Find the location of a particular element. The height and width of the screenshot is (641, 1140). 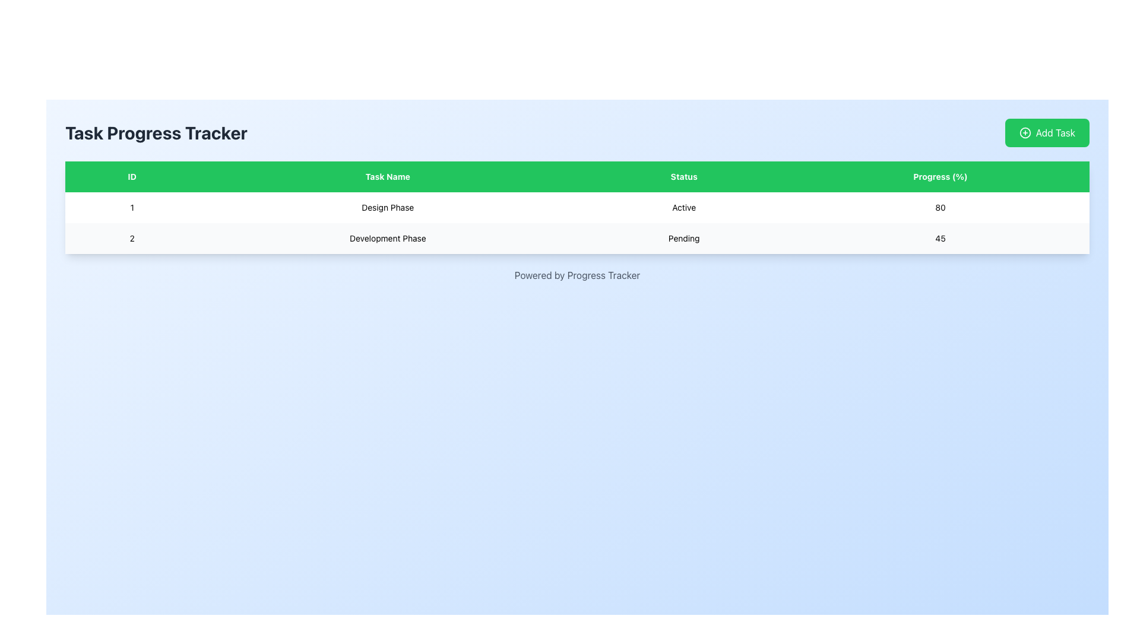

text content of the fourth table column header, which is aligned to the rightmost part of the header row and follows headers for 'ID', 'Task Name', and 'Status' is located at coordinates (940, 176).